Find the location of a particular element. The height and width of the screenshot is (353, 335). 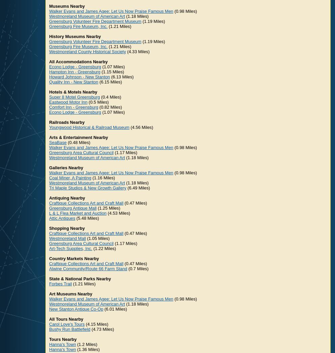

'New Stanton Antique Co-Op' is located at coordinates (75, 309).